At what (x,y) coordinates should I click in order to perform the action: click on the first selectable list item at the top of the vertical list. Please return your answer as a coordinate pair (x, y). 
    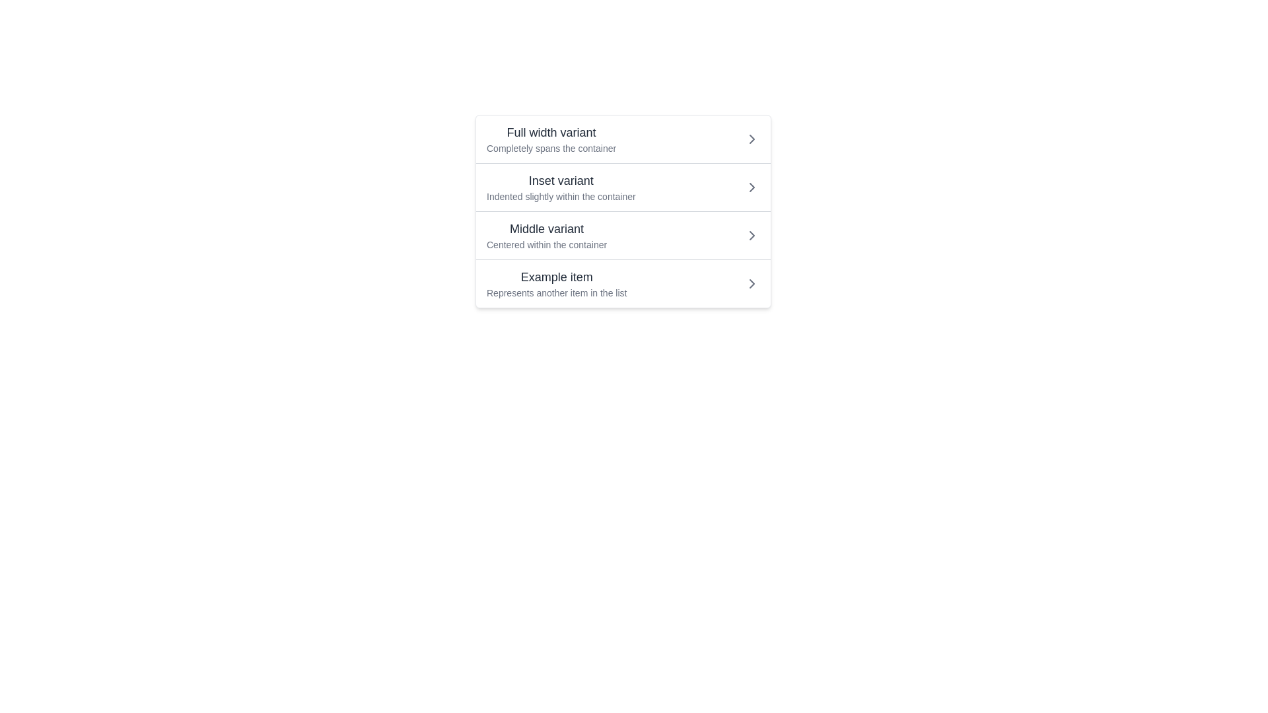
    Looking at the image, I should click on (623, 139).